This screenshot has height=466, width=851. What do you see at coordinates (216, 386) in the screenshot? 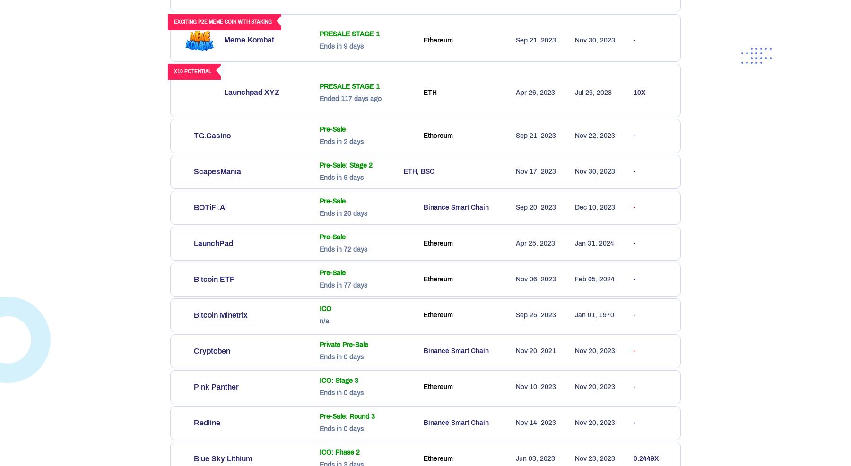
I see `'Pink Panther'` at bounding box center [216, 386].